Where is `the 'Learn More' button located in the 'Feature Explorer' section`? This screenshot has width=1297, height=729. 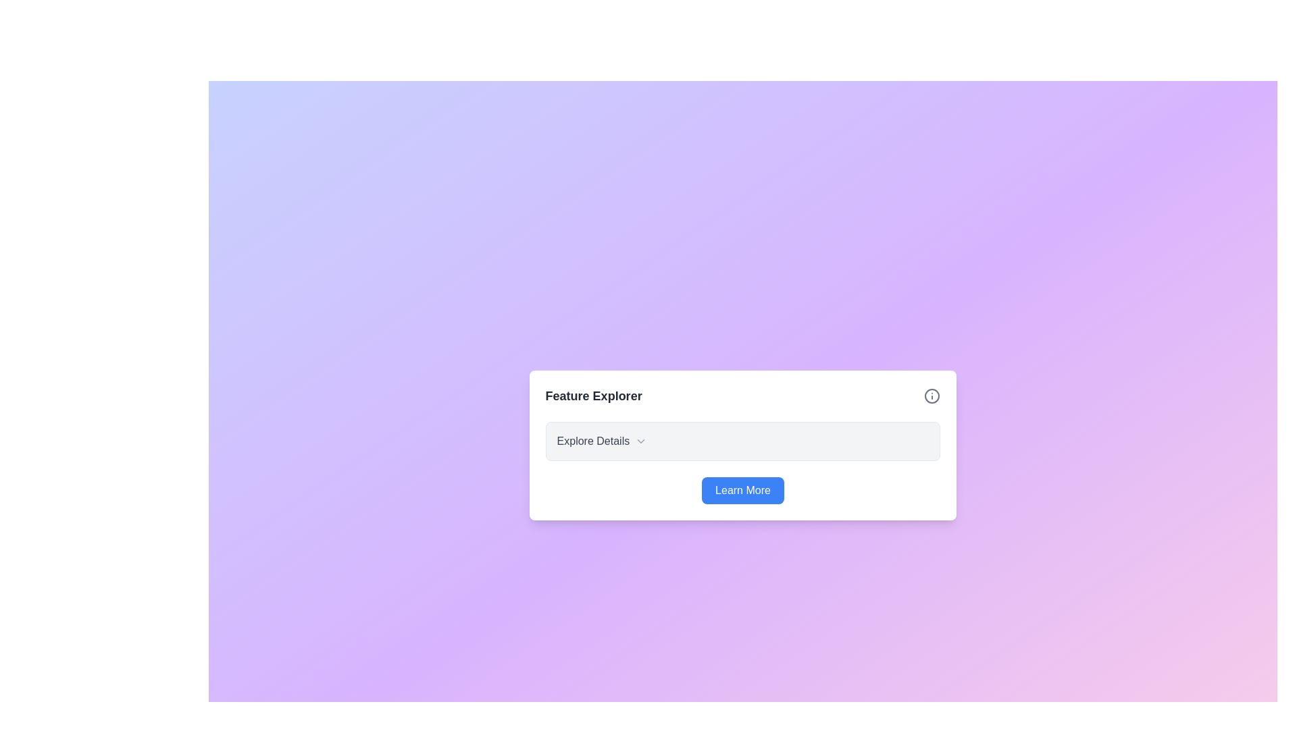
the 'Learn More' button located in the 'Feature Explorer' section is located at coordinates (742, 490).